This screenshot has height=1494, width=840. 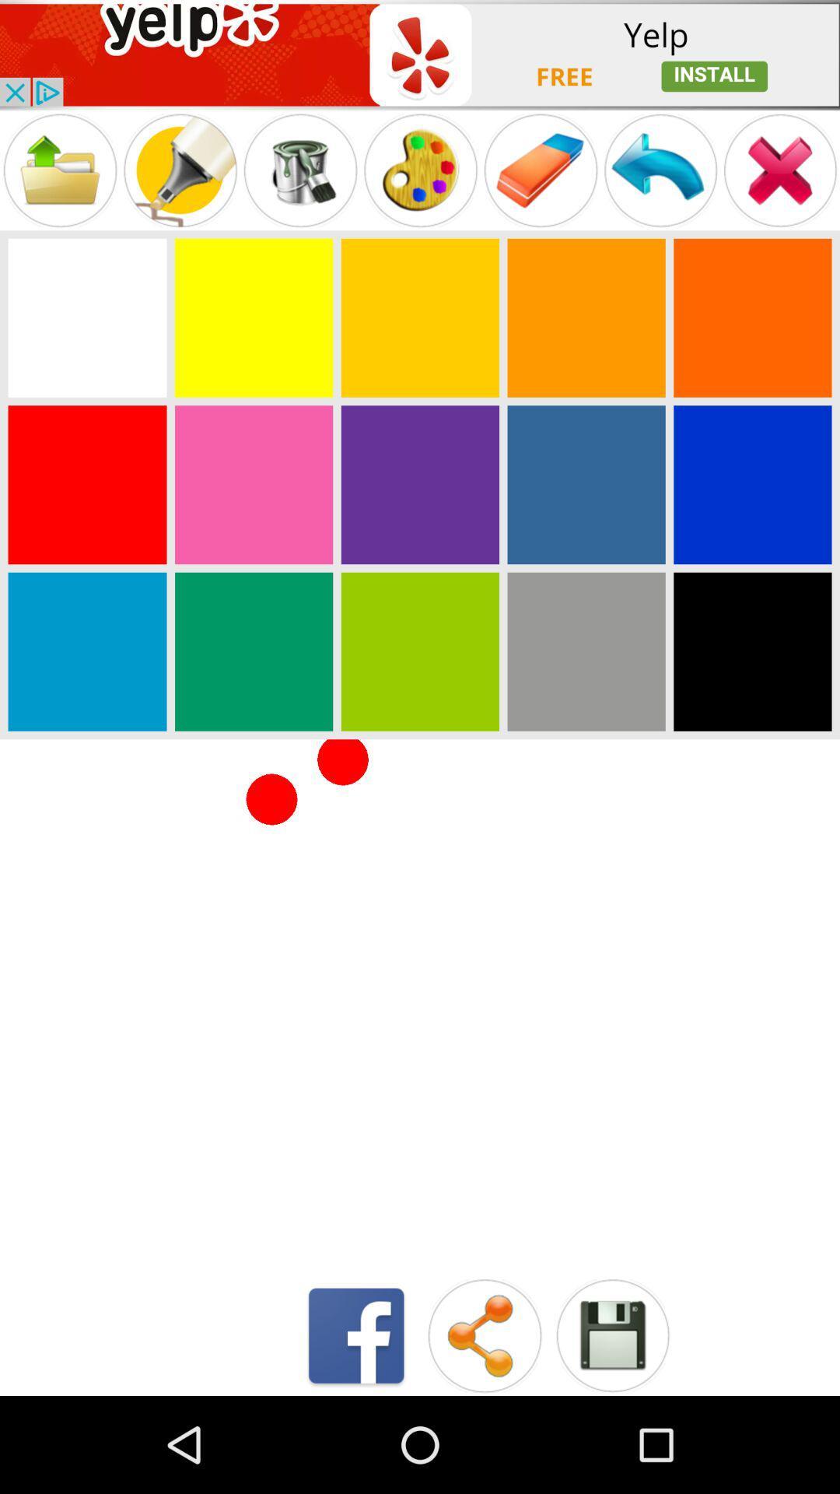 What do you see at coordinates (356, 1334) in the screenshot?
I see `facebook page` at bounding box center [356, 1334].